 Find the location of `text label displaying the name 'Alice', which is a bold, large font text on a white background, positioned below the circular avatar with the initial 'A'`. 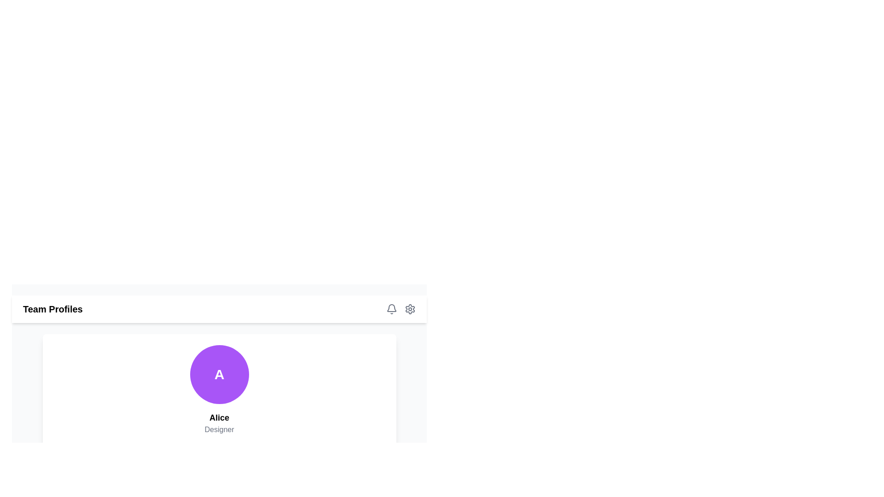

text label displaying the name 'Alice', which is a bold, large font text on a white background, positioned below the circular avatar with the initial 'A' is located at coordinates (219, 417).